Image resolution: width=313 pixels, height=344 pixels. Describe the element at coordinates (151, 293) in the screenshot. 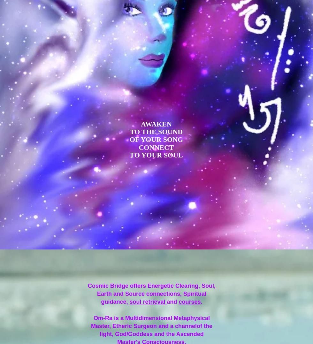

I see `'Cosmic Bridge offers Energetic Clearing, Soul, Earth and Source connections, Spiritual guidance,'` at that location.